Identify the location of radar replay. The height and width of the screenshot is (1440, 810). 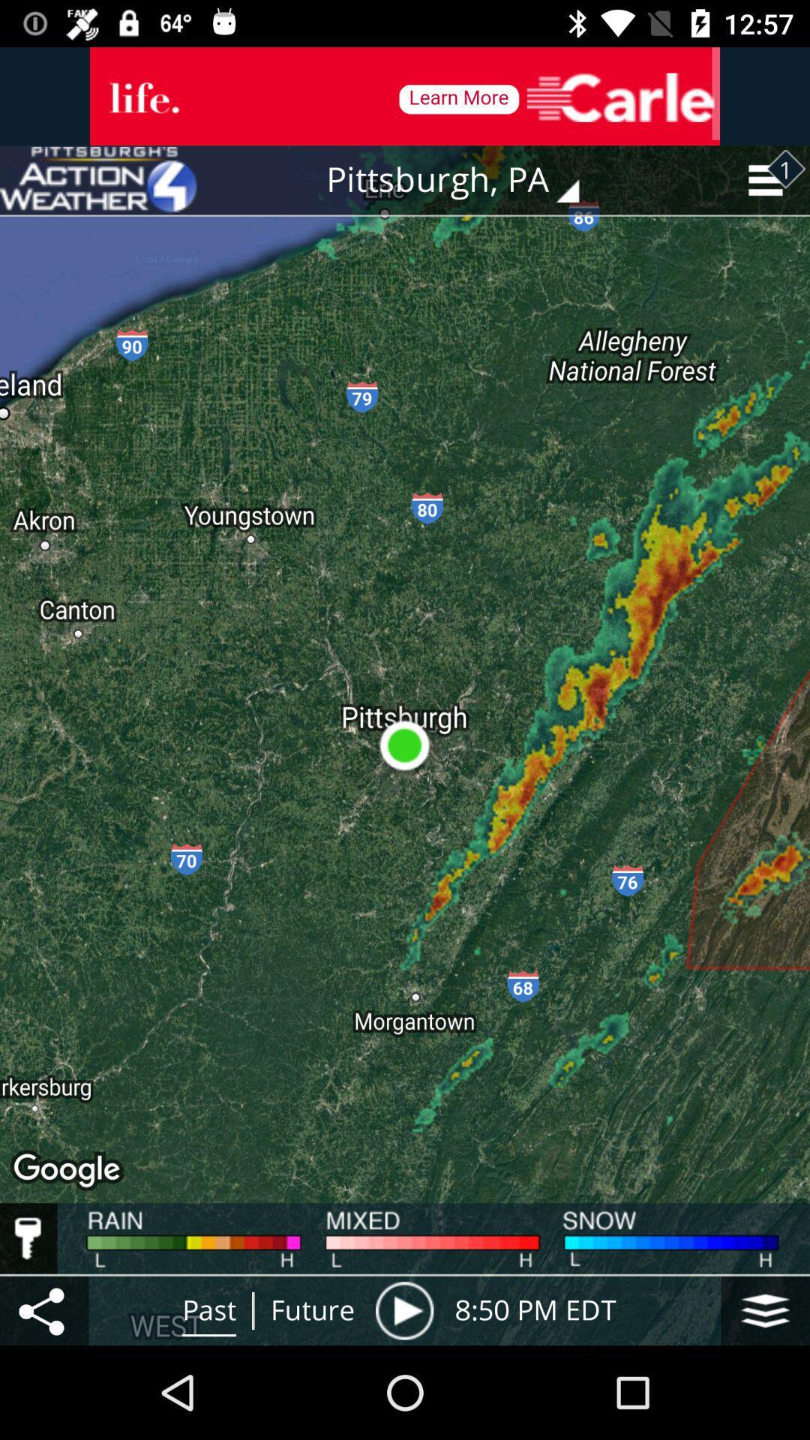
(403, 1309).